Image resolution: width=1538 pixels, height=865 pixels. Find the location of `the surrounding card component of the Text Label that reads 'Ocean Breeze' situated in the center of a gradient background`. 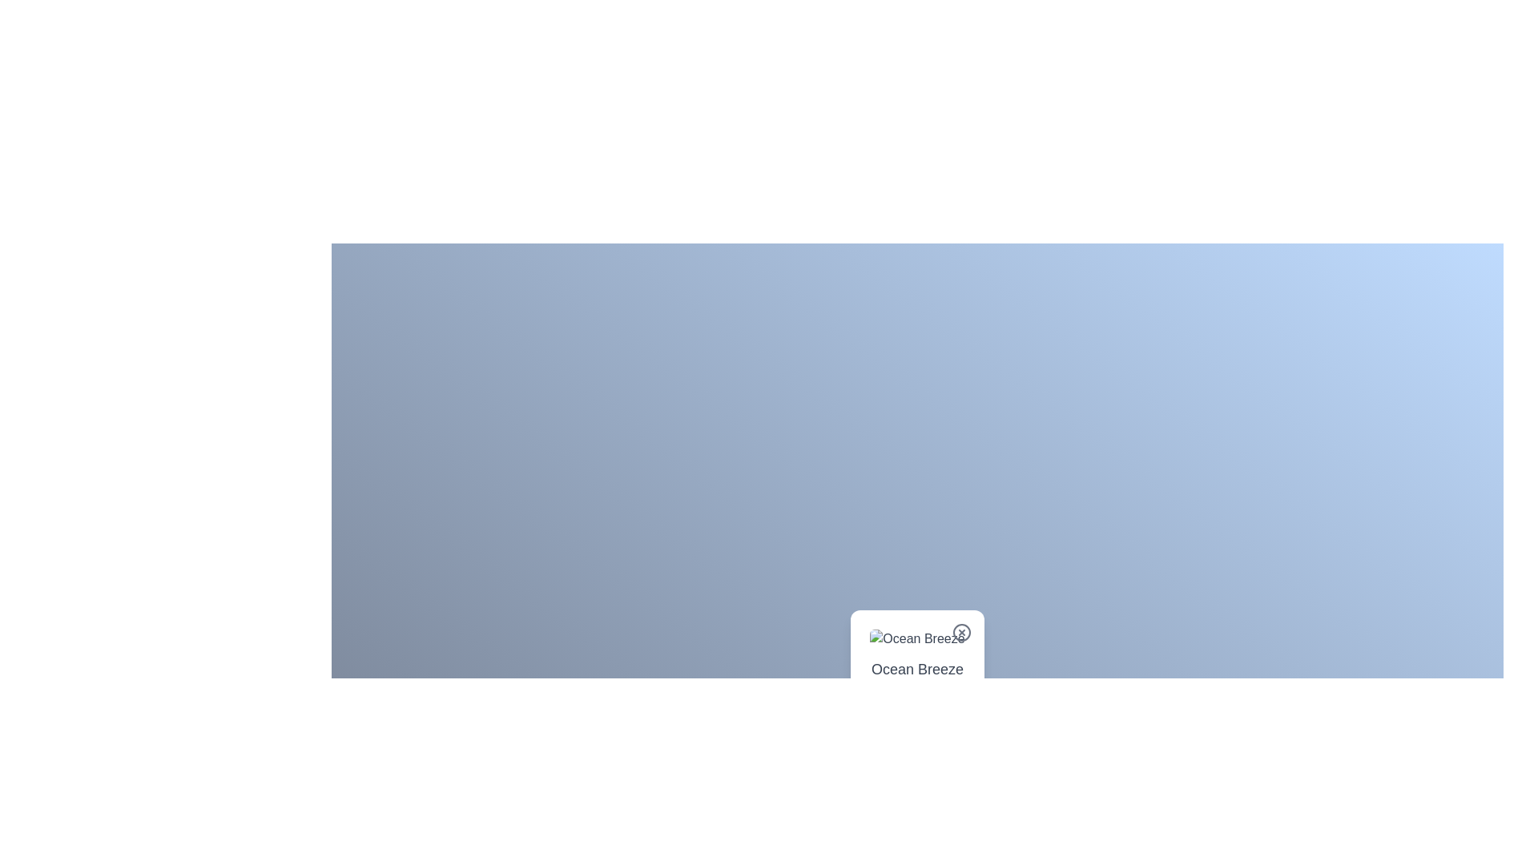

the surrounding card component of the Text Label that reads 'Ocean Breeze' situated in the center of a gradient background is located at coordinates (917, 676).